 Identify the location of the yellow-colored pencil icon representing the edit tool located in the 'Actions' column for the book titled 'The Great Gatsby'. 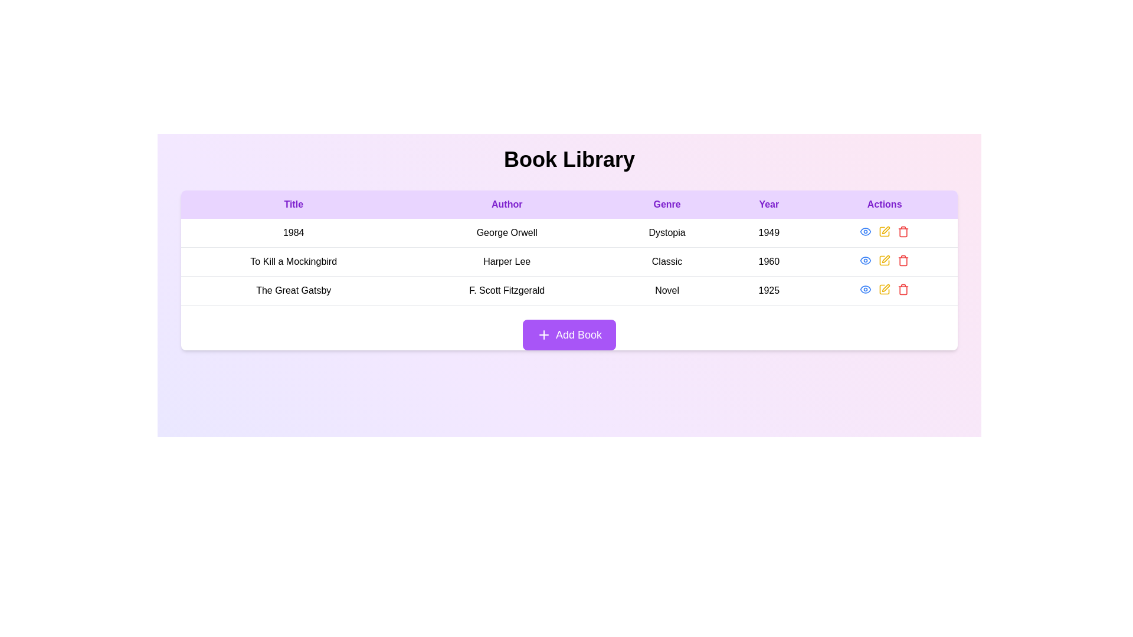
(885, 289).